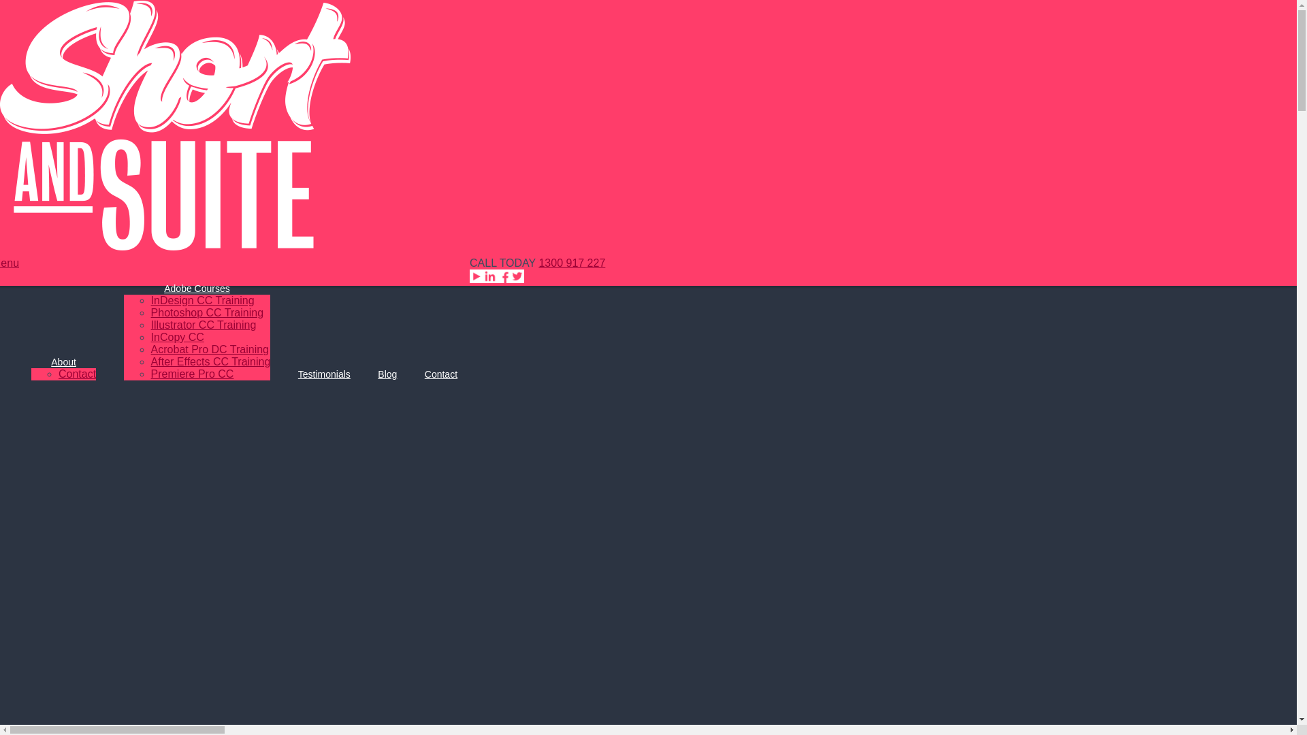  I want to click on 'Acrobat Pro DC Training', so click(150, 348).